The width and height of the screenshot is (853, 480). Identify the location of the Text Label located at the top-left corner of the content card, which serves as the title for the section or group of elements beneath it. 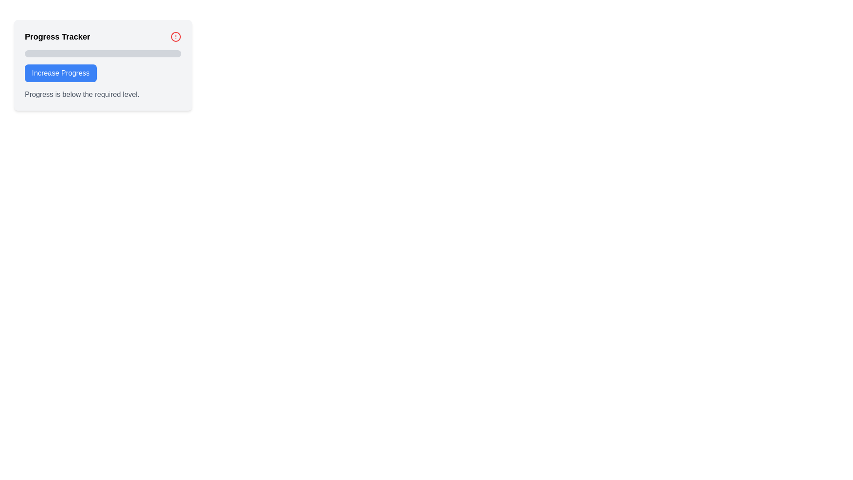
(57, 36).